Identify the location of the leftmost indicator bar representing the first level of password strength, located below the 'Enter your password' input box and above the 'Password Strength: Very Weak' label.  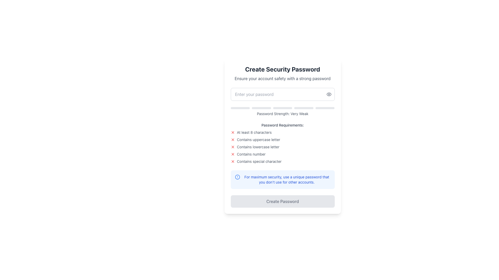
(240, 108).